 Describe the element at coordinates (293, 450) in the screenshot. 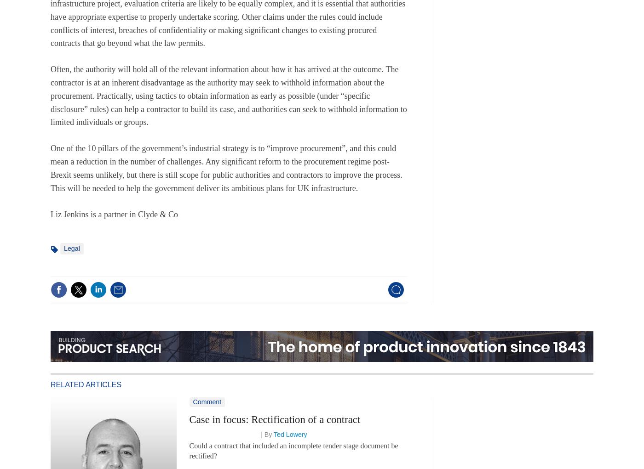

I see `'Could a contract that included an incomplete tender stage document be rectified?'` at that location.